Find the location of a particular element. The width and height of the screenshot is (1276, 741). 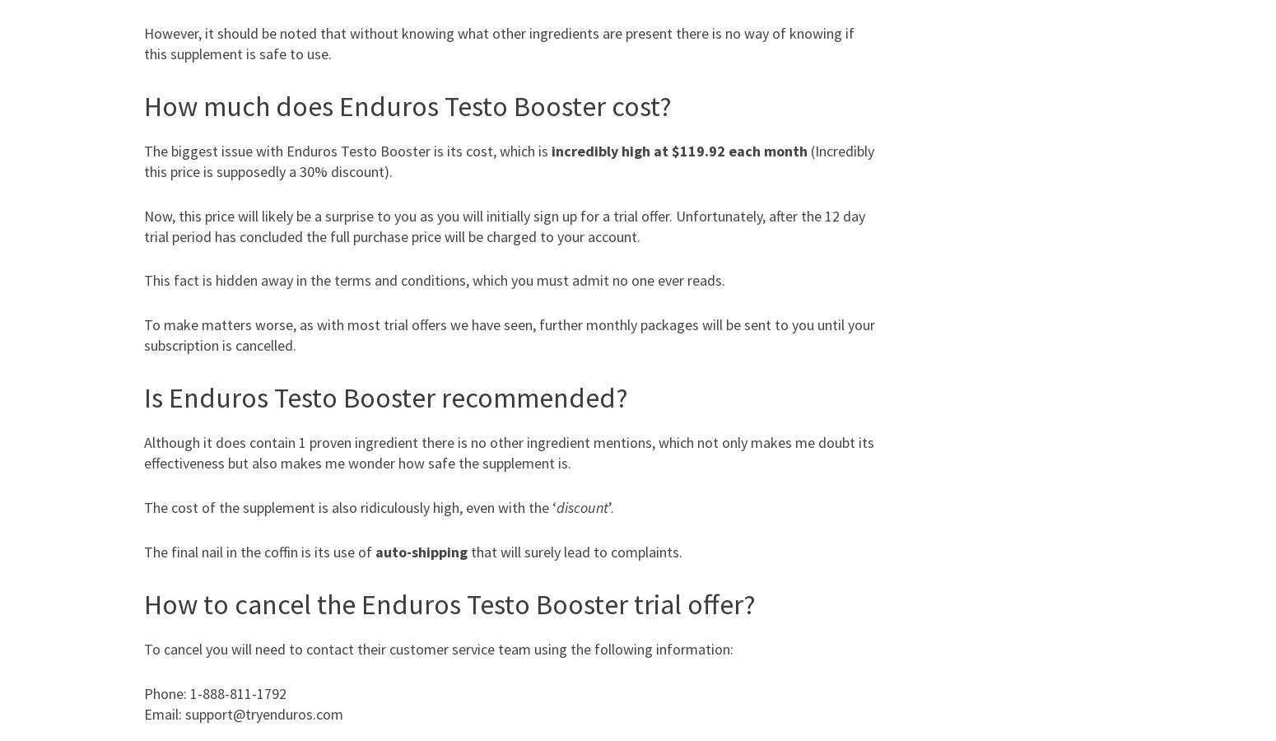

'Tia Blanco' is located at coordinates (1034, 42).